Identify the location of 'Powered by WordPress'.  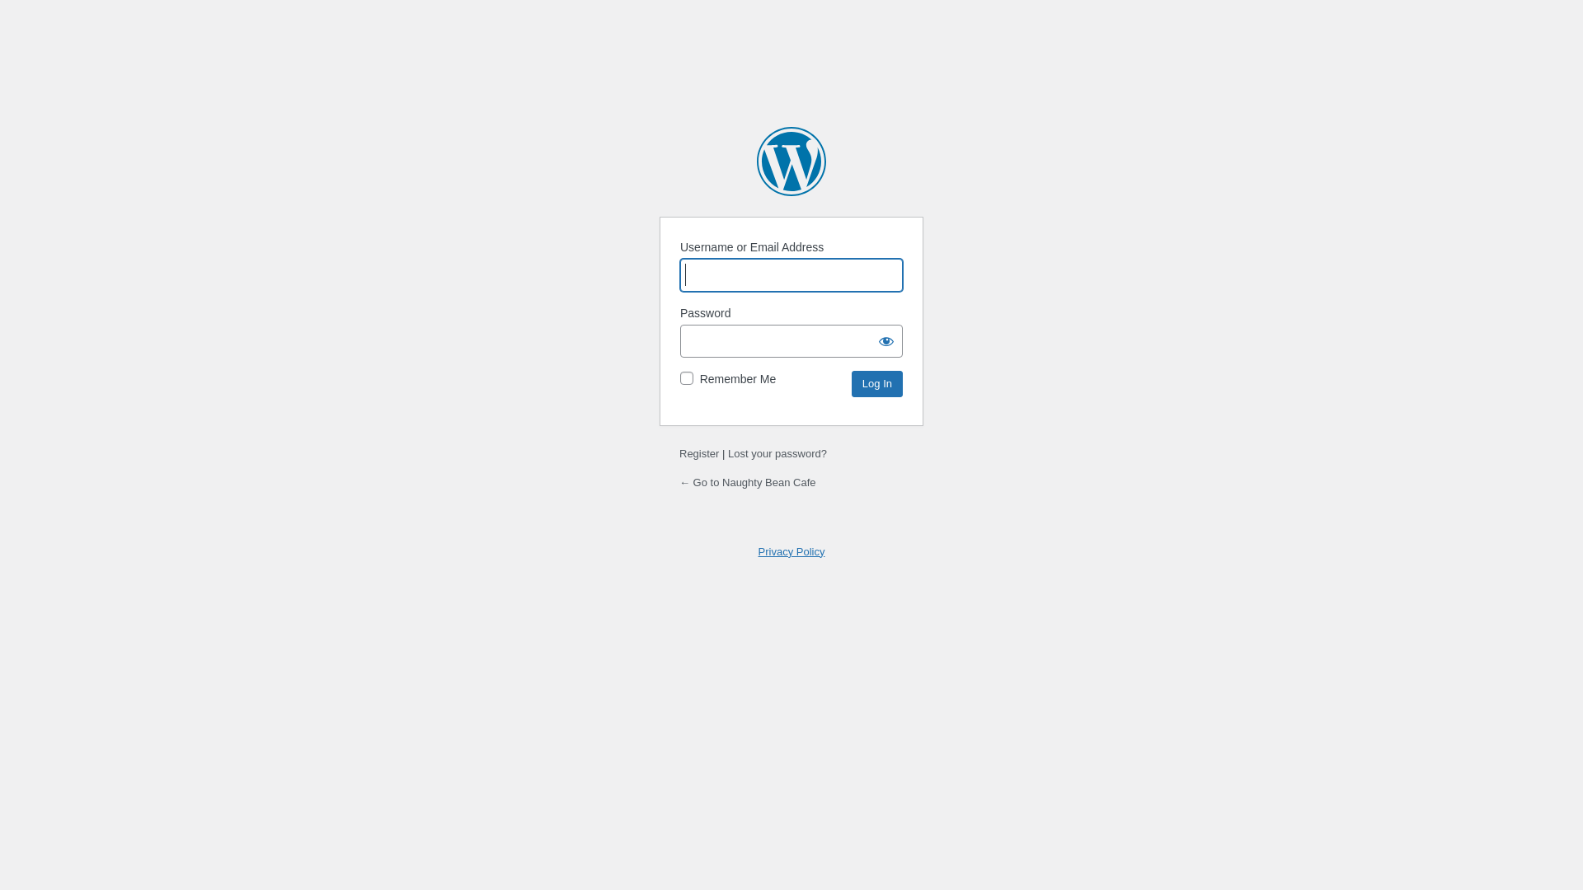
(791, 162).